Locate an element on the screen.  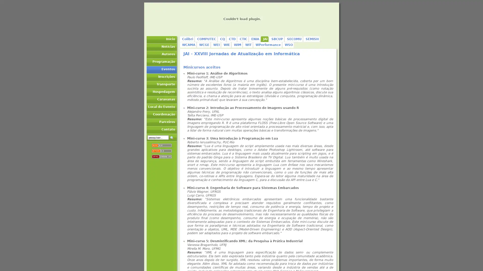
_ is located at coordinates (172, 138).